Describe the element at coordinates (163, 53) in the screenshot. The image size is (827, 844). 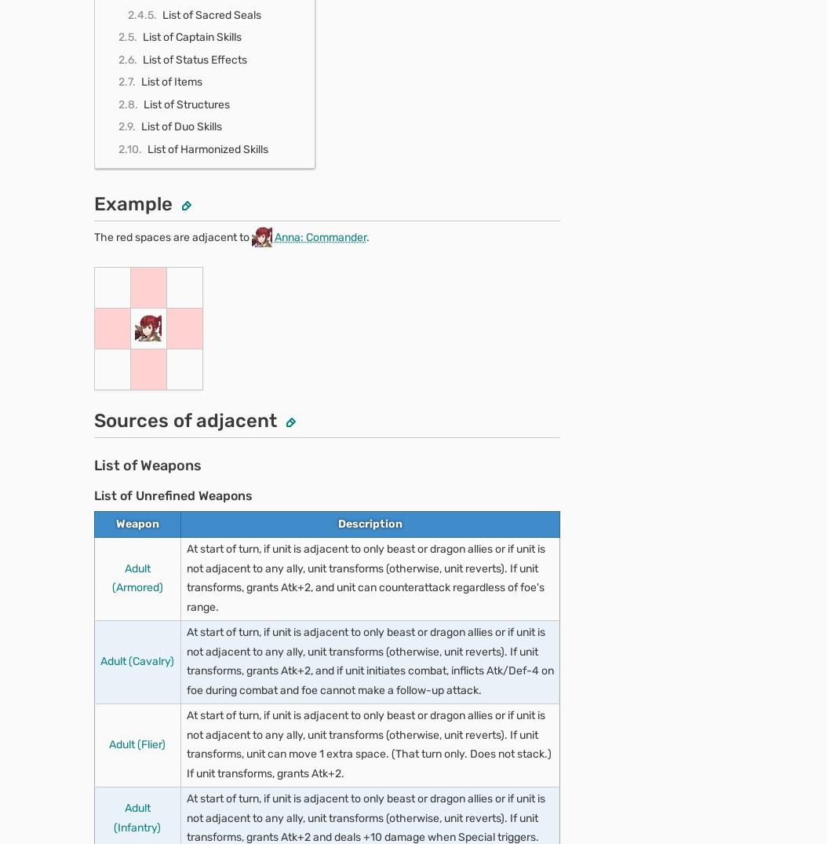
I see `'Inf. Null Follow 2'` at that location.